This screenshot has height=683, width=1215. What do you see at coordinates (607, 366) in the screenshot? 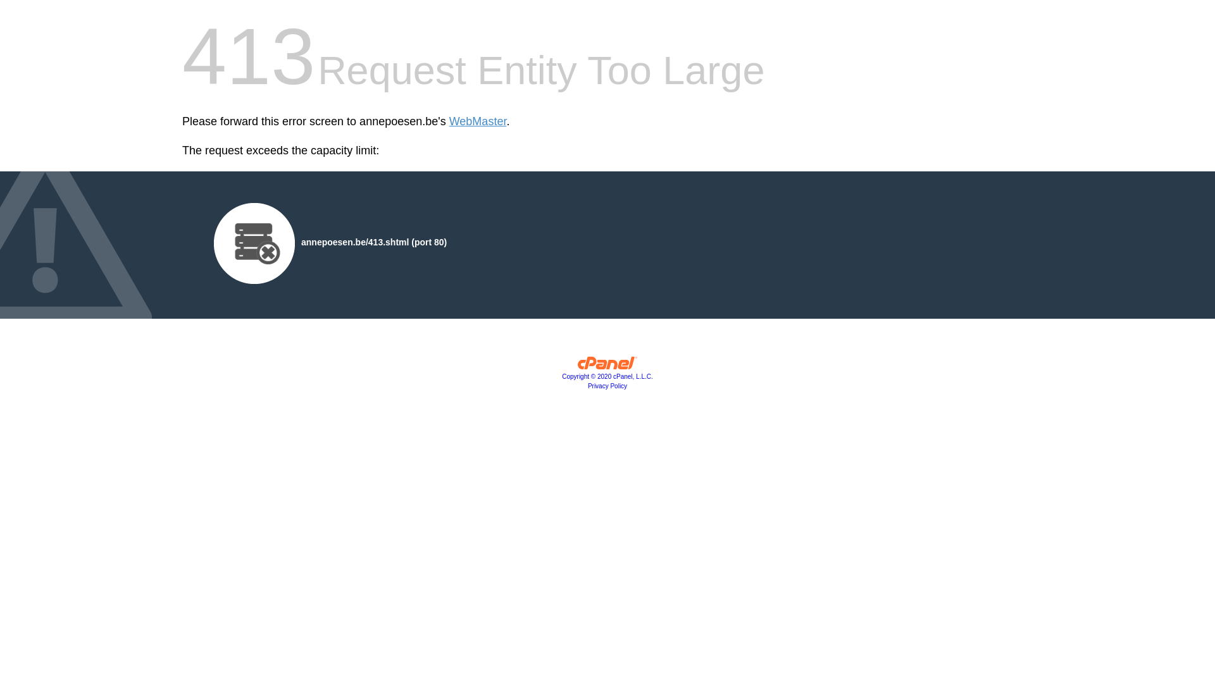
I see `'cPanel, Inc.'` at bounding box center [607, 366].